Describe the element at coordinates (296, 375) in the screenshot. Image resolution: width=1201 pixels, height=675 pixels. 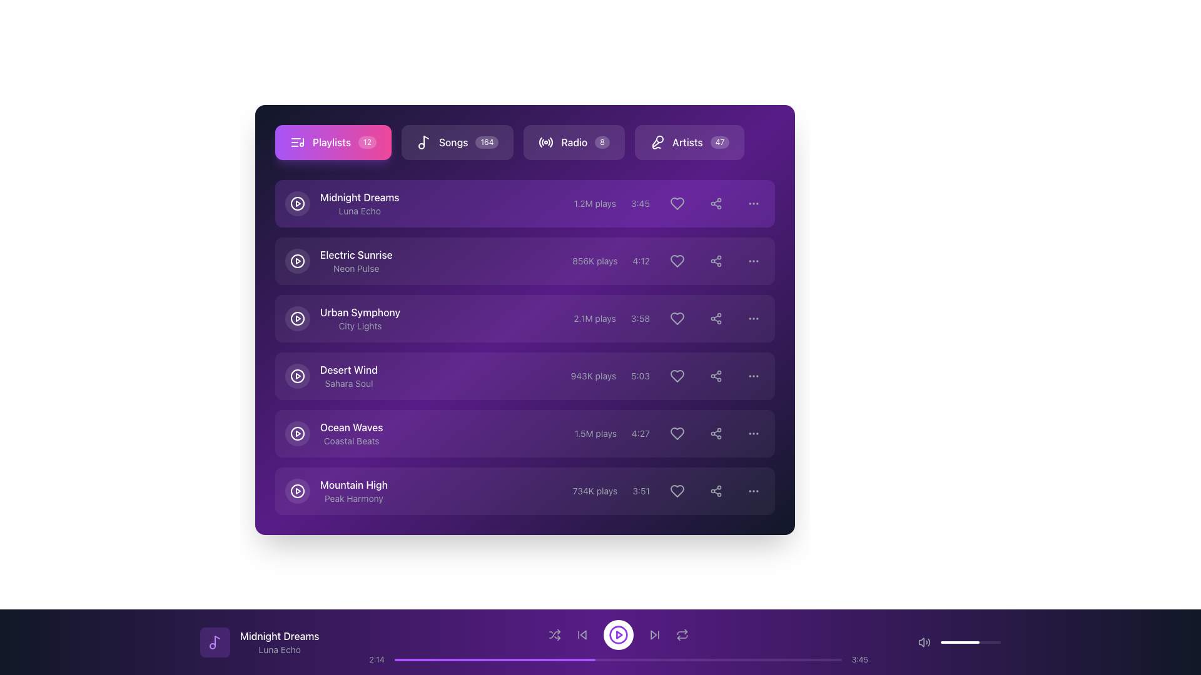
I see `the playback button for the song 'Desert Wind' by 'Sahara Soul'` at that location.